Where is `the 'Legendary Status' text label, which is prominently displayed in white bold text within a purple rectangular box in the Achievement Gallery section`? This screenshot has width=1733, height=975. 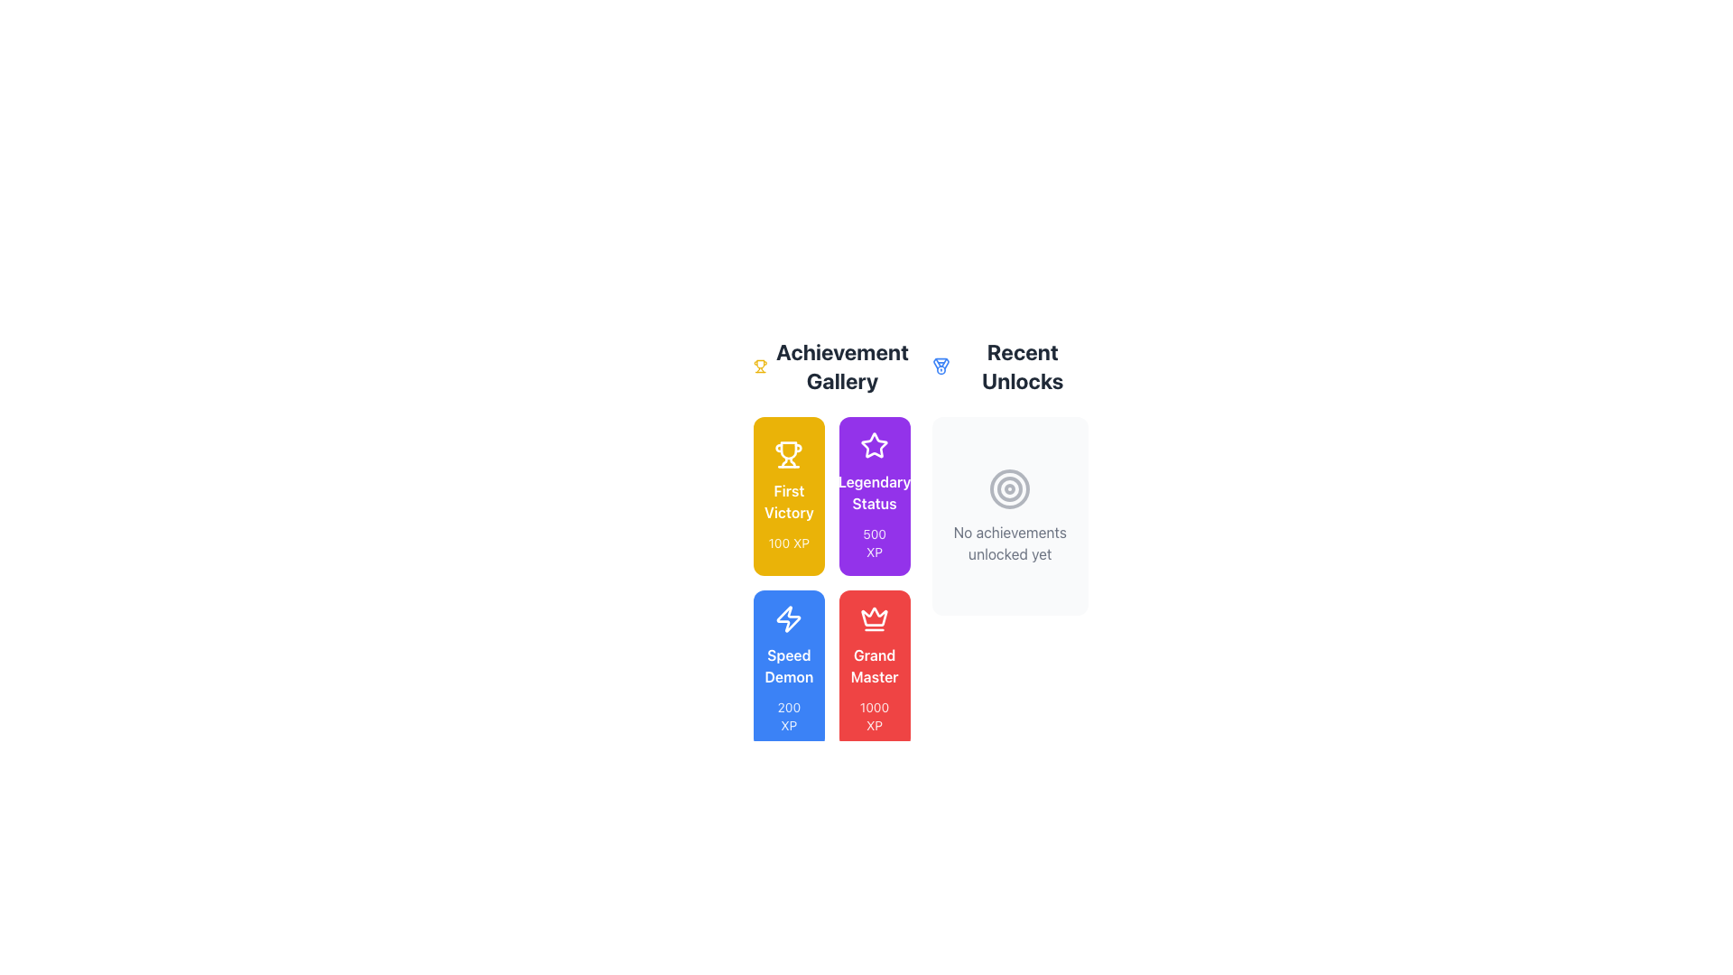
the 'Legendary Status' text label, which is prominently displayed in white bold text within a purple rectangular box in the Achievement Gallery section is located at coordinates (875, 493).